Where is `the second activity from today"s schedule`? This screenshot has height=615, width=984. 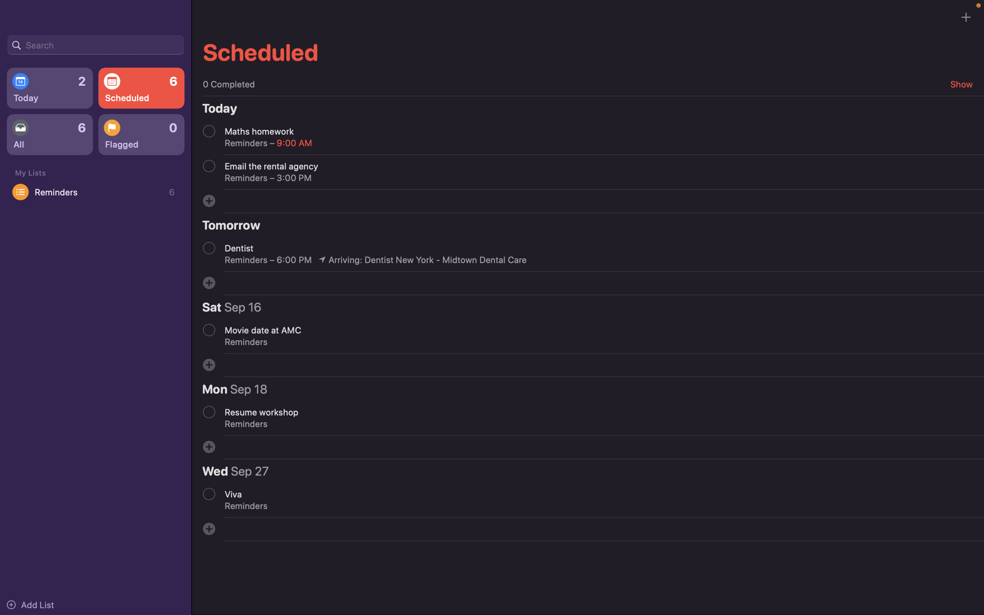
the second activity from today"s schedule is located at coordinates (209, 166).